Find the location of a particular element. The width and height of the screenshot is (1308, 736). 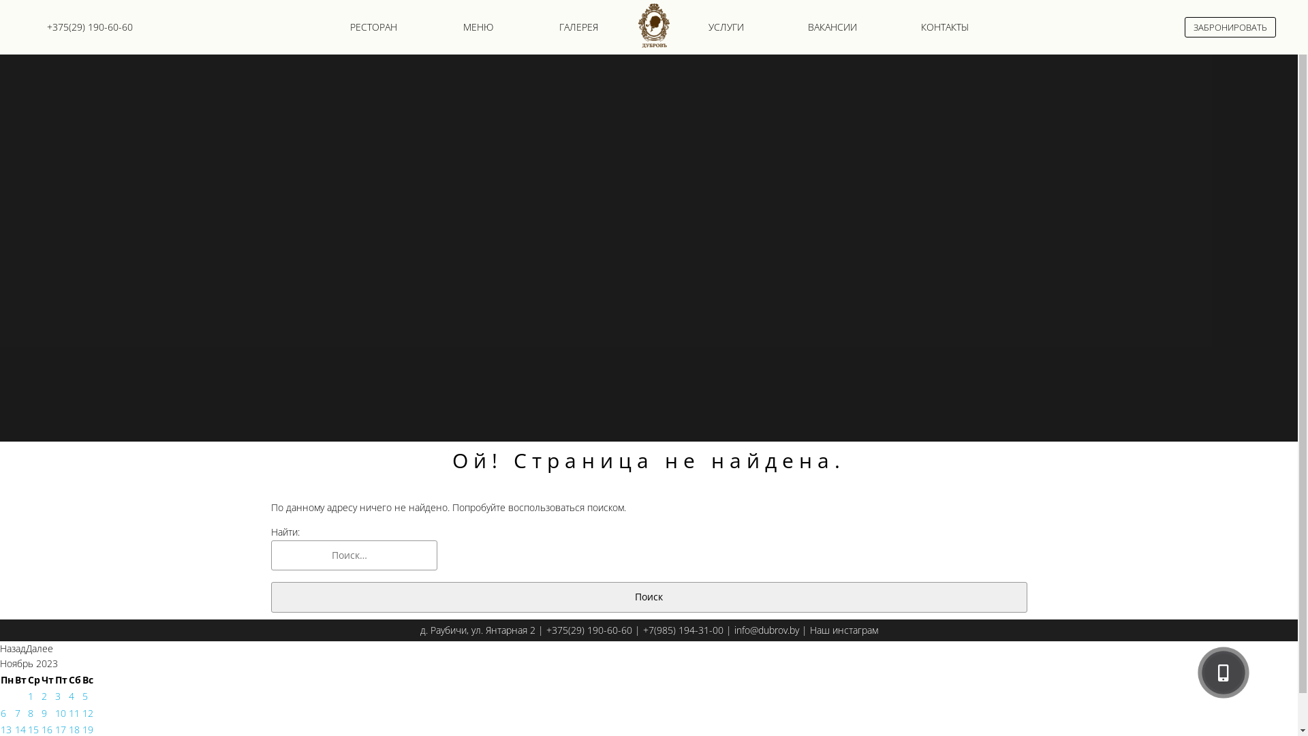

'5' is located at coordinates (84, 696).